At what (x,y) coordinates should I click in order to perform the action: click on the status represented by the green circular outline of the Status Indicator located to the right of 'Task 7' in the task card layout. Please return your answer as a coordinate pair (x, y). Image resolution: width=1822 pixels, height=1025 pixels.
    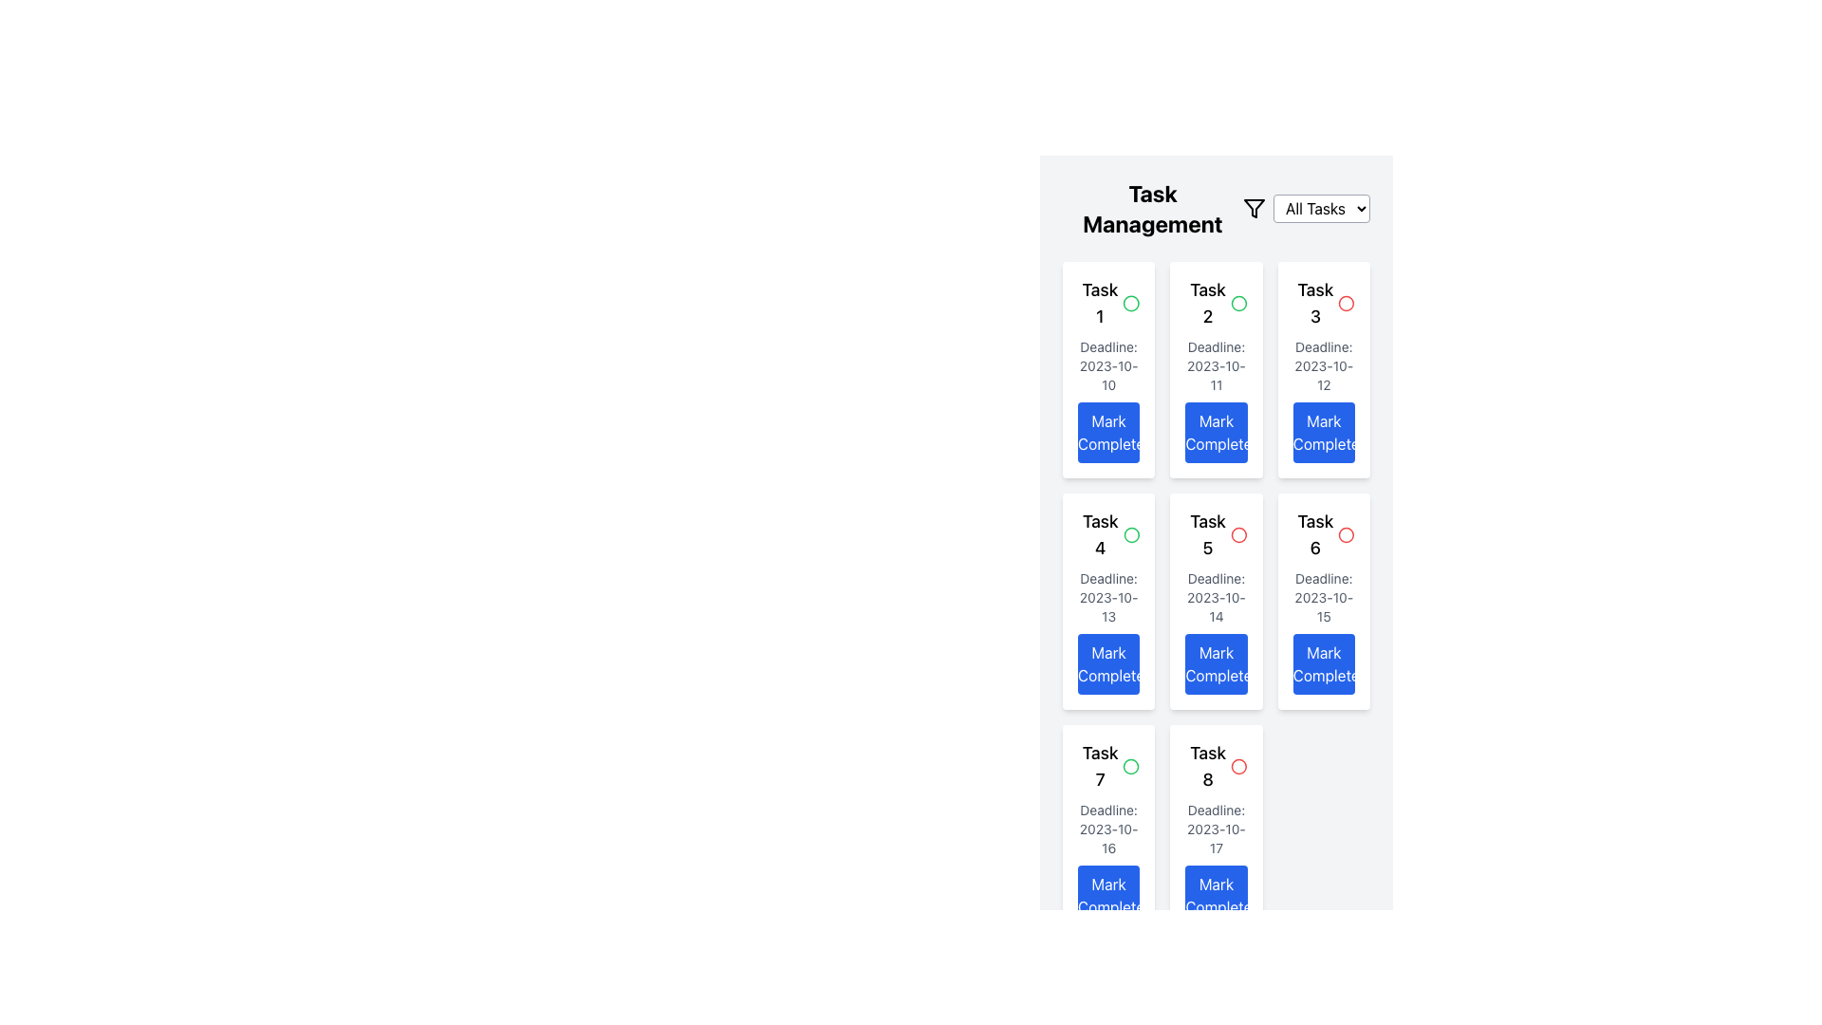
    Looking at the image, I should click on (1131, 765).